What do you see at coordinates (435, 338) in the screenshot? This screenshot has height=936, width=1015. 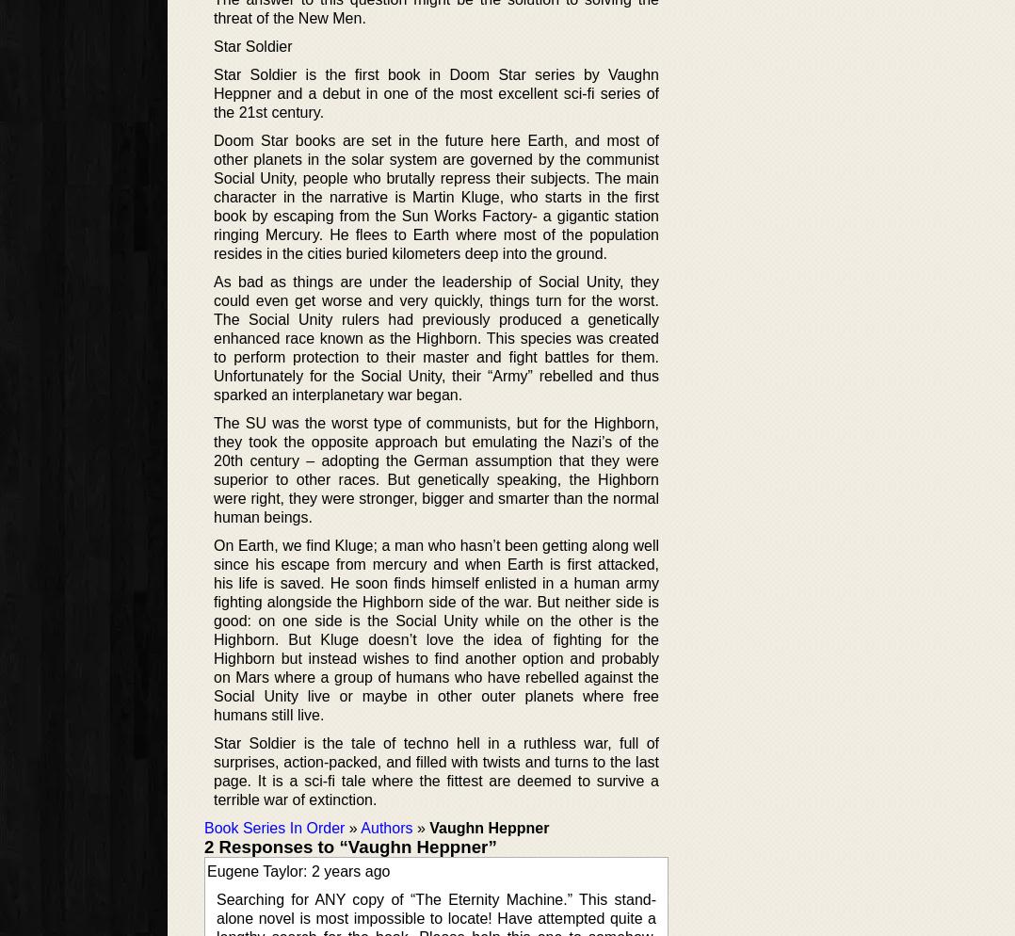 I see `'As bad as things are under the leadership of Social Unity, they could even get worse and very quickly, things turn for the worst. The Social Unity rulers had previously produced a genetically enhanced race known as the Highborn. This species was created to perform protection to their master and fight battles for them. Unfortunately for the Social Unity, their “Army” rebelled and thus sparked an interplanetary war began.'` at bounding box center [435, 338].